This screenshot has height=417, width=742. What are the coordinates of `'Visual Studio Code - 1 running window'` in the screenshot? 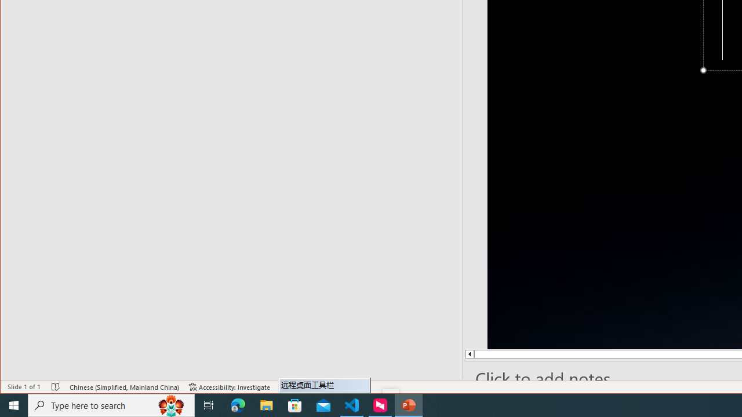 It's located at (351, 404).